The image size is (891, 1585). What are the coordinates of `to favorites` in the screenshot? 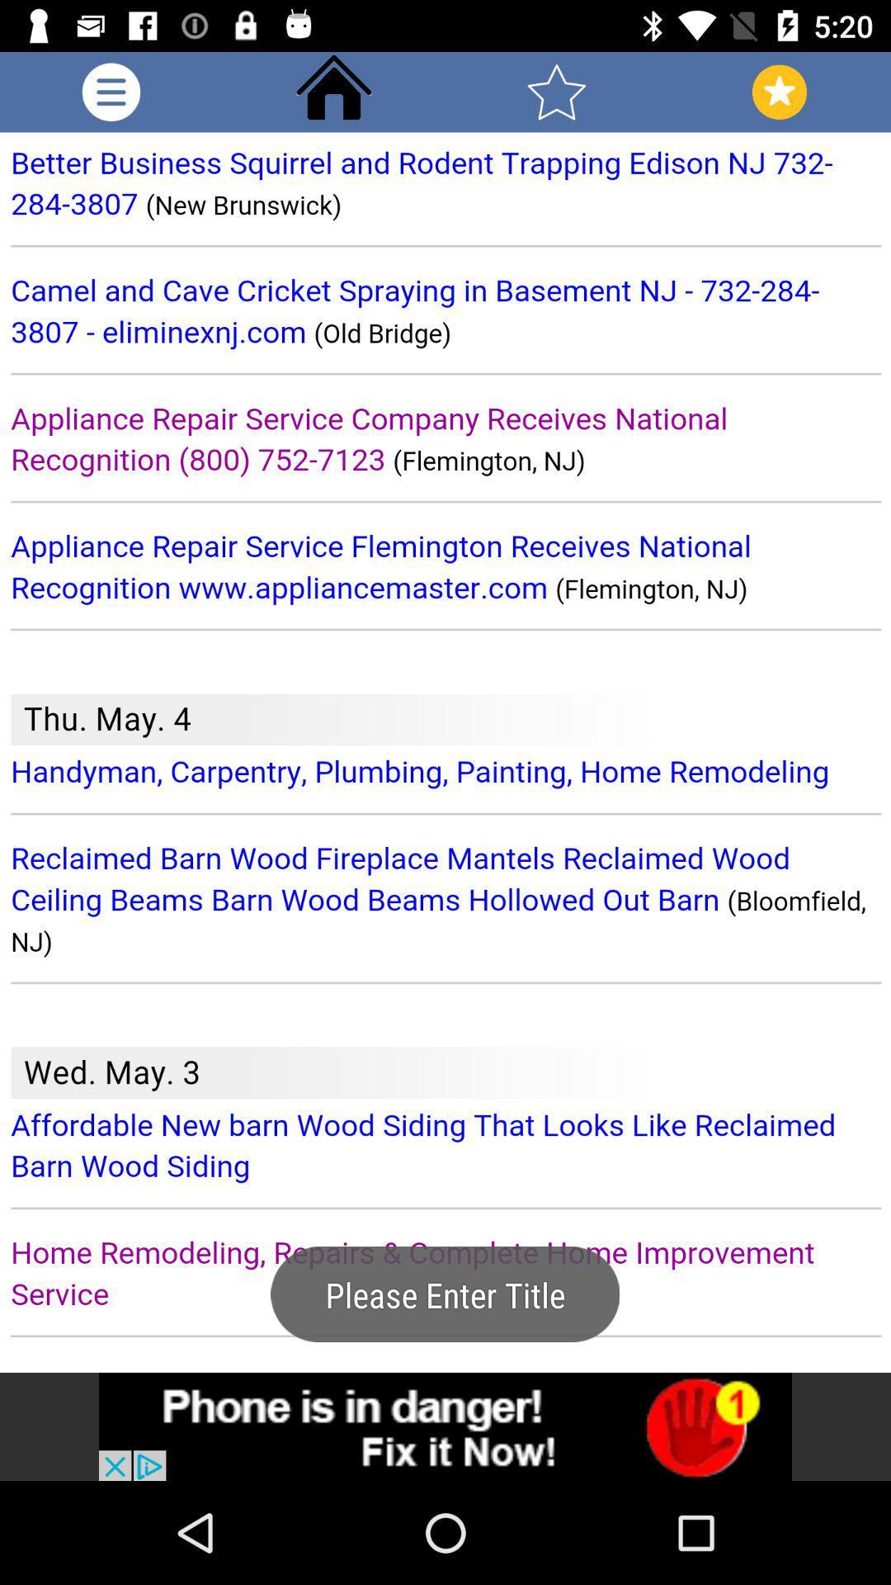 It's located at (557, 91).